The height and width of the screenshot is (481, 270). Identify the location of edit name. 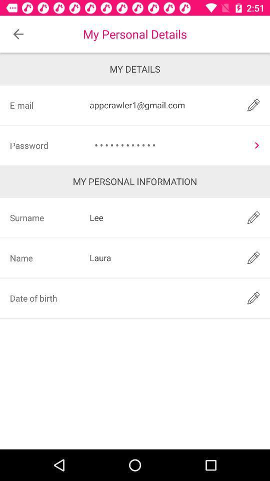
(253, 257).